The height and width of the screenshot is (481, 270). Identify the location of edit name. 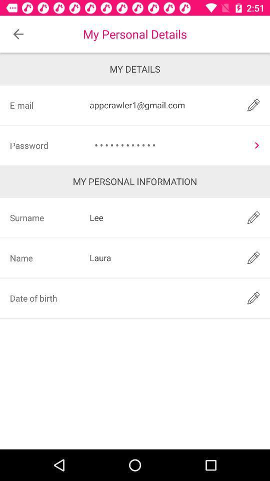
(253, 257).